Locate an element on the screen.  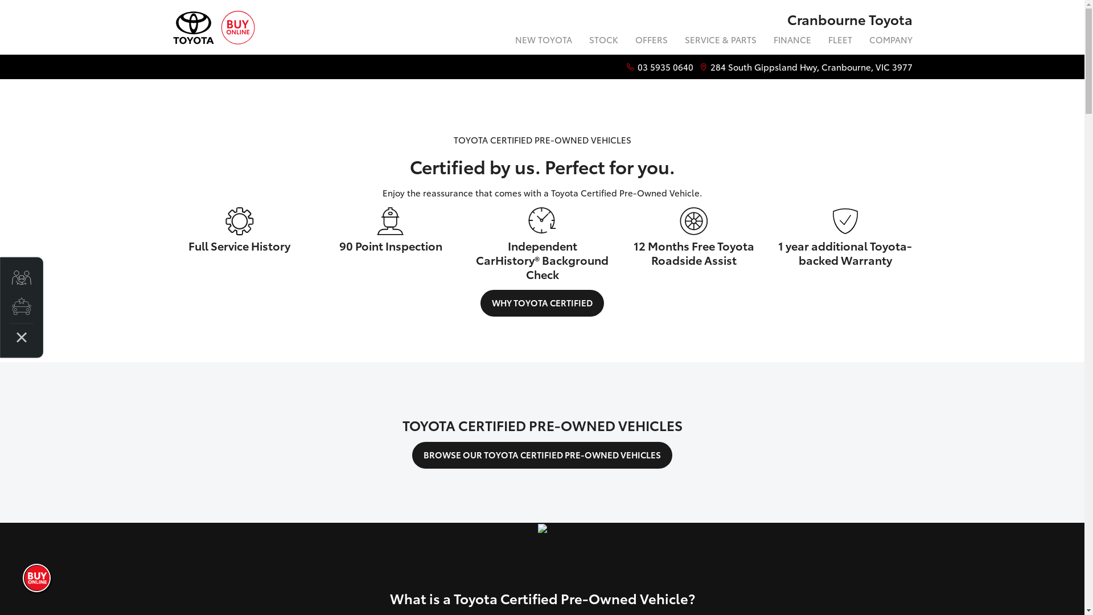
'SERVICE & PARTS' is located at coordinates (720, 40).